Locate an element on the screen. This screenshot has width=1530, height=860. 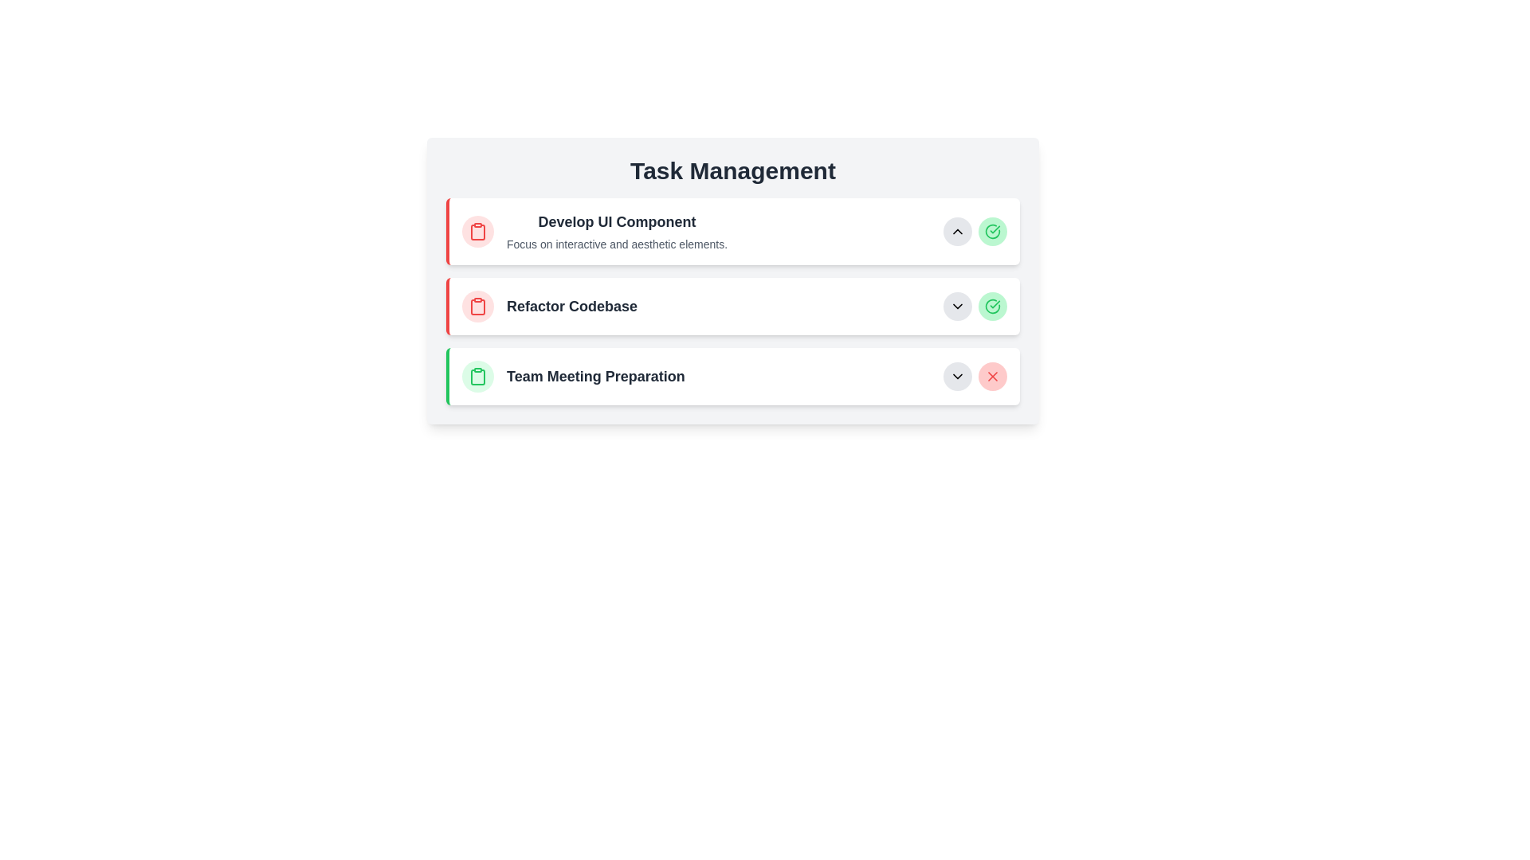
the delete button located at the far right of the third horizontal task entry is located at coordinates (992, 377).